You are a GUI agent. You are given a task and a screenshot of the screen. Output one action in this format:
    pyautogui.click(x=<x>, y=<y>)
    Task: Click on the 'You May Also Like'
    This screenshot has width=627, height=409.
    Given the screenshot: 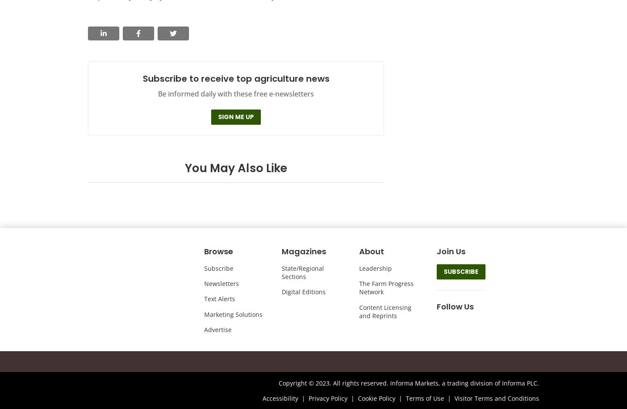 What is the action you would take?
    pyautogui.click(x=236, y=167)
    